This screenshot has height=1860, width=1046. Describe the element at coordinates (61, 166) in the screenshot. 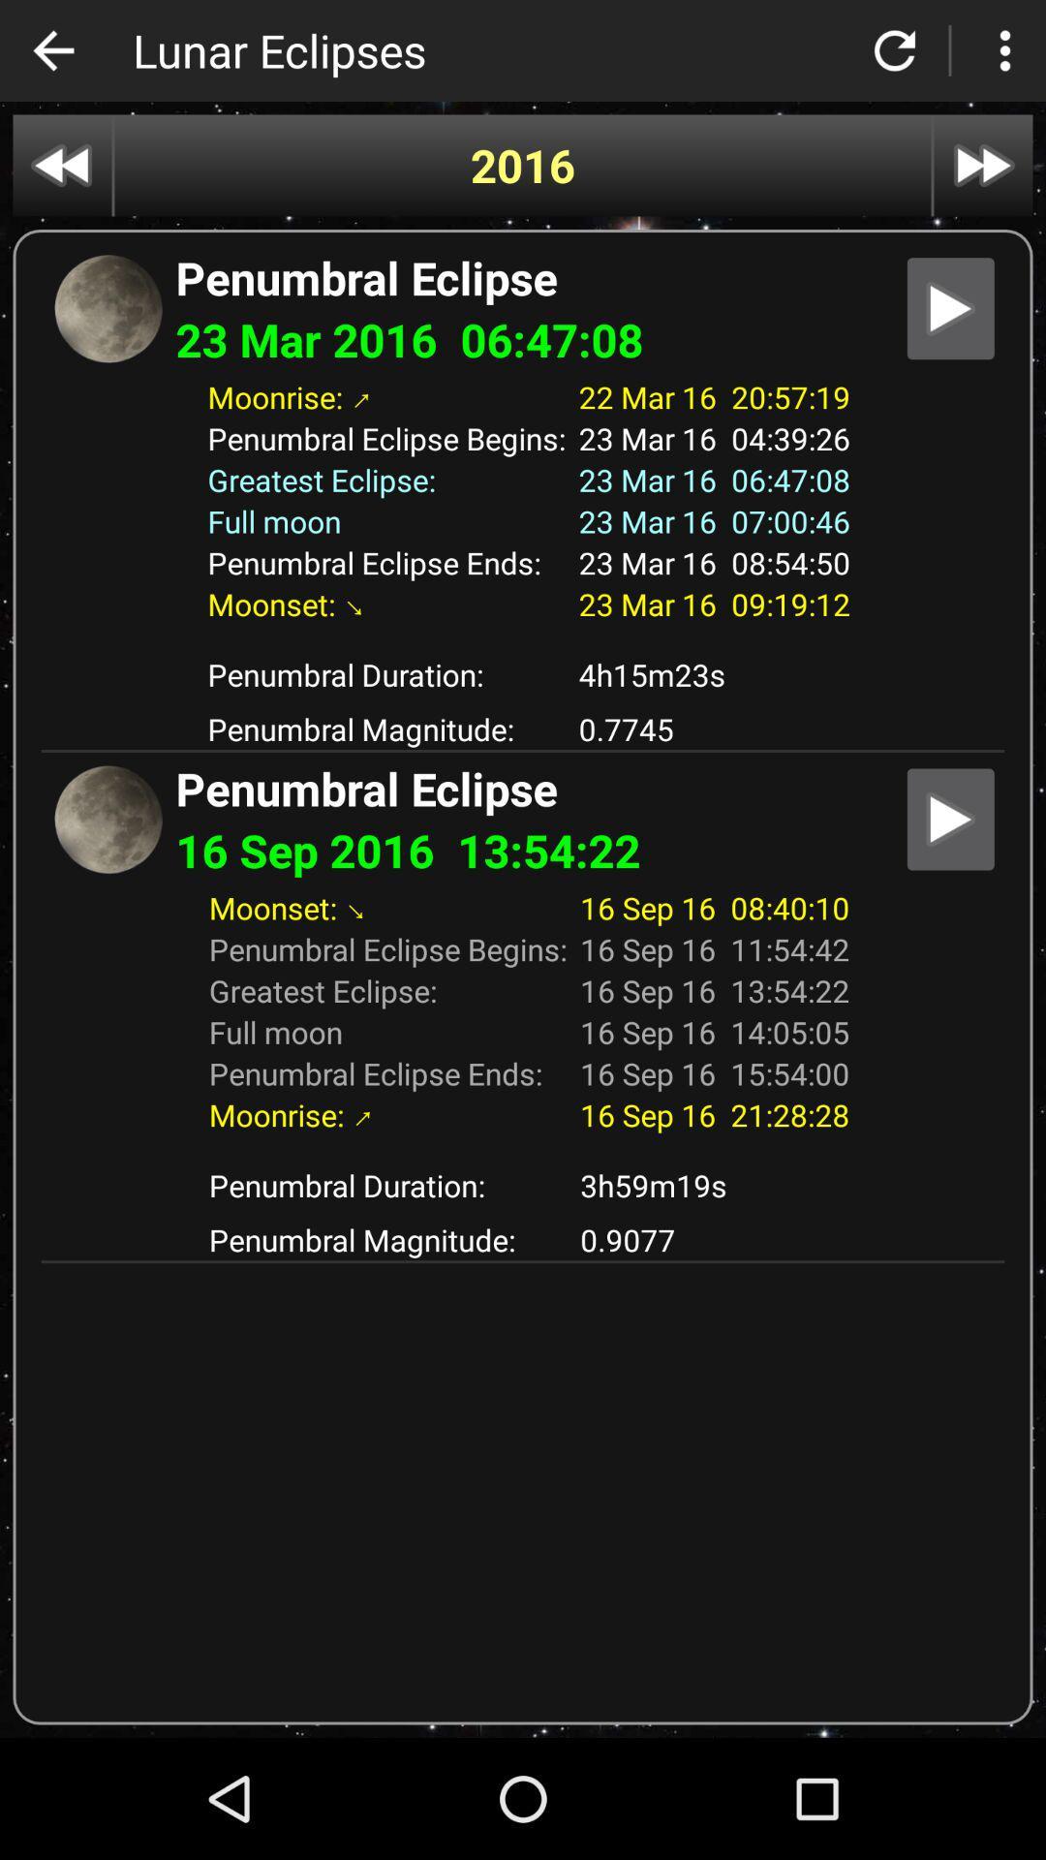

I see `back one year` at that location.